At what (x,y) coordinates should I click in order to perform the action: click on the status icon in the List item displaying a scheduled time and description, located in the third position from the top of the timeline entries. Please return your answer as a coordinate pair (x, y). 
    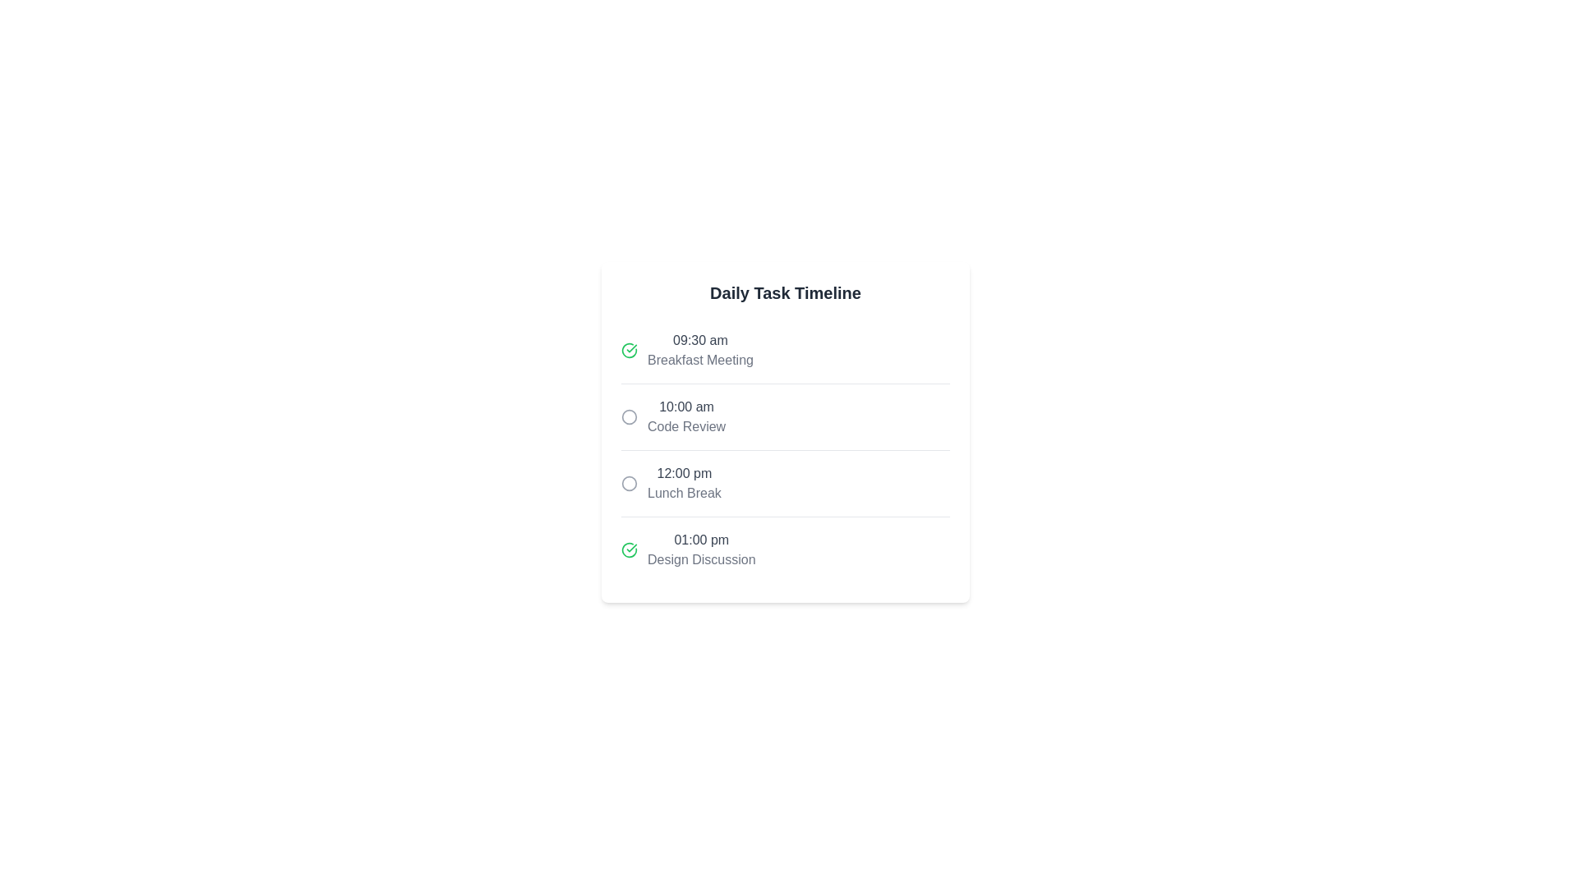
    Looking at the image, I should click on (784, 482).